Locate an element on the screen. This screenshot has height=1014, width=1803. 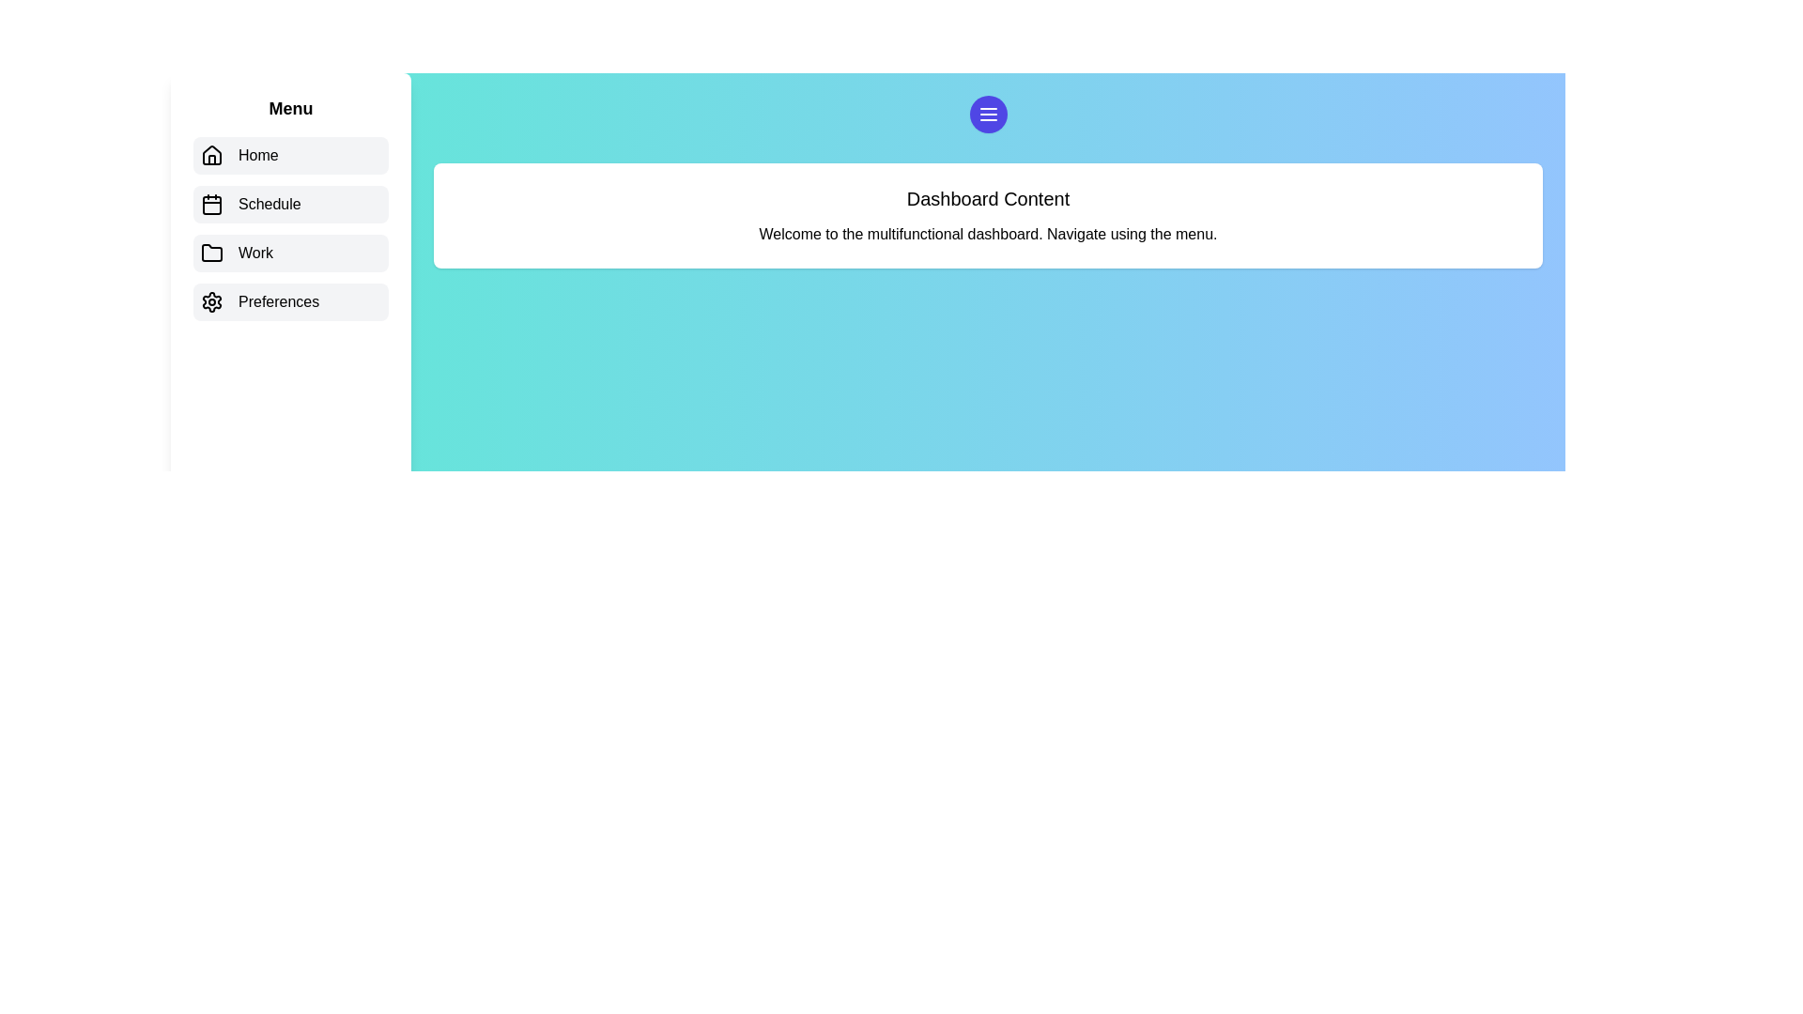
the menu item corresponding to Home is located at coordinates (290, 154).